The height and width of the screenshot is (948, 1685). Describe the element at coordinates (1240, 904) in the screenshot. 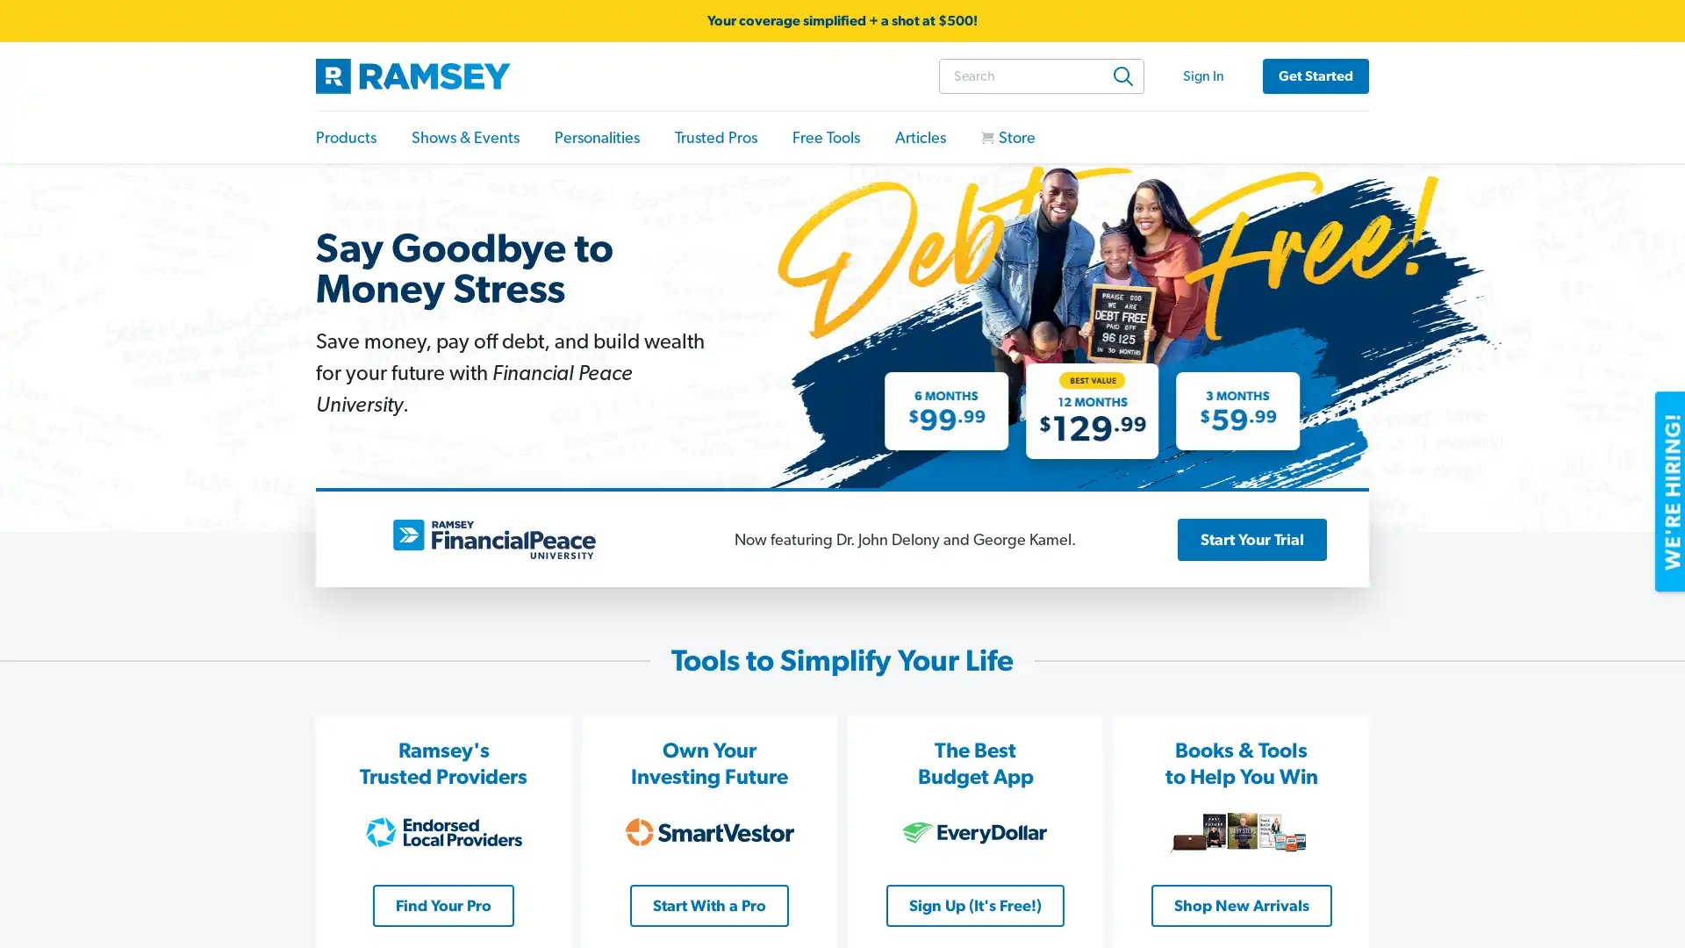

I see `Shop New Arrivals` at that location.